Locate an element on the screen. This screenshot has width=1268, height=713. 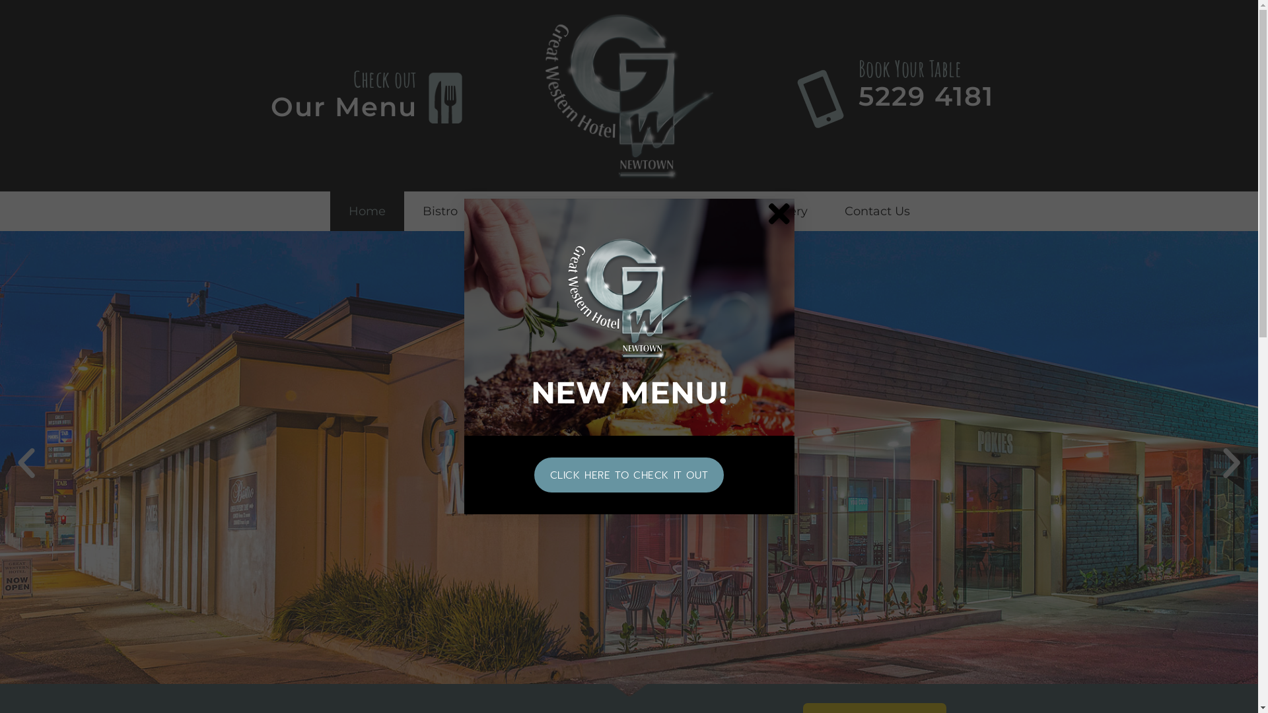
'Wine List' is located at coordinates (592, 211).